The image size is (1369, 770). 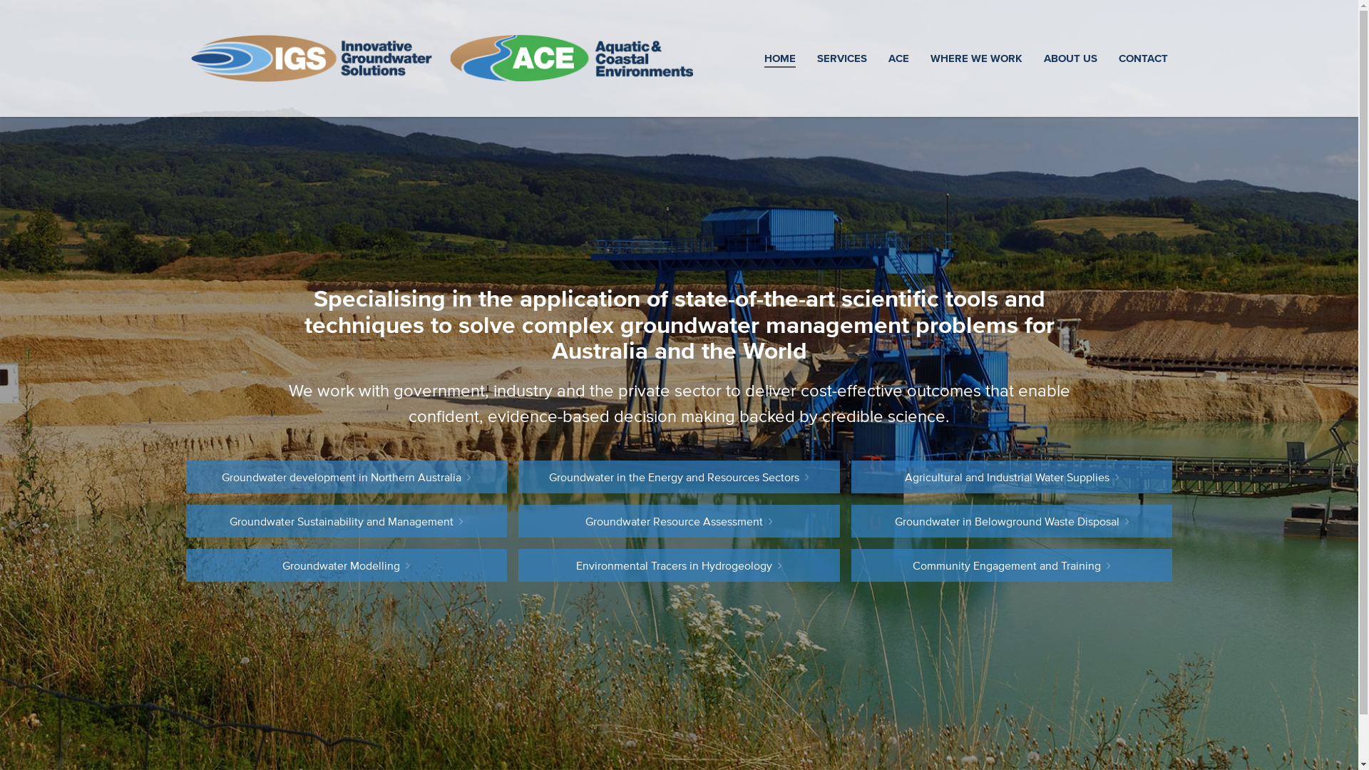 I want to click on 'Agricultural and Industrial Water Supplies  ', so click(x=1011, y=476).